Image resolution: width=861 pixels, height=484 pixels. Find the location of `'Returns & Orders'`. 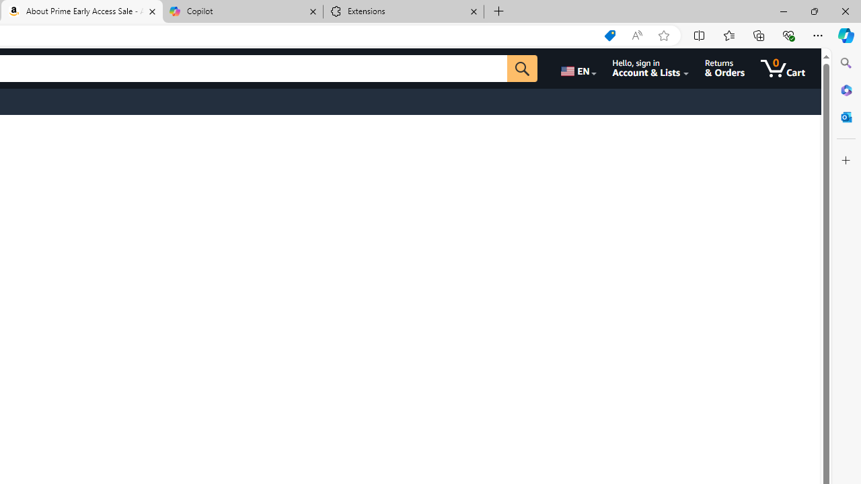

'Returns & Orders' is located at coordinates (724, 68).